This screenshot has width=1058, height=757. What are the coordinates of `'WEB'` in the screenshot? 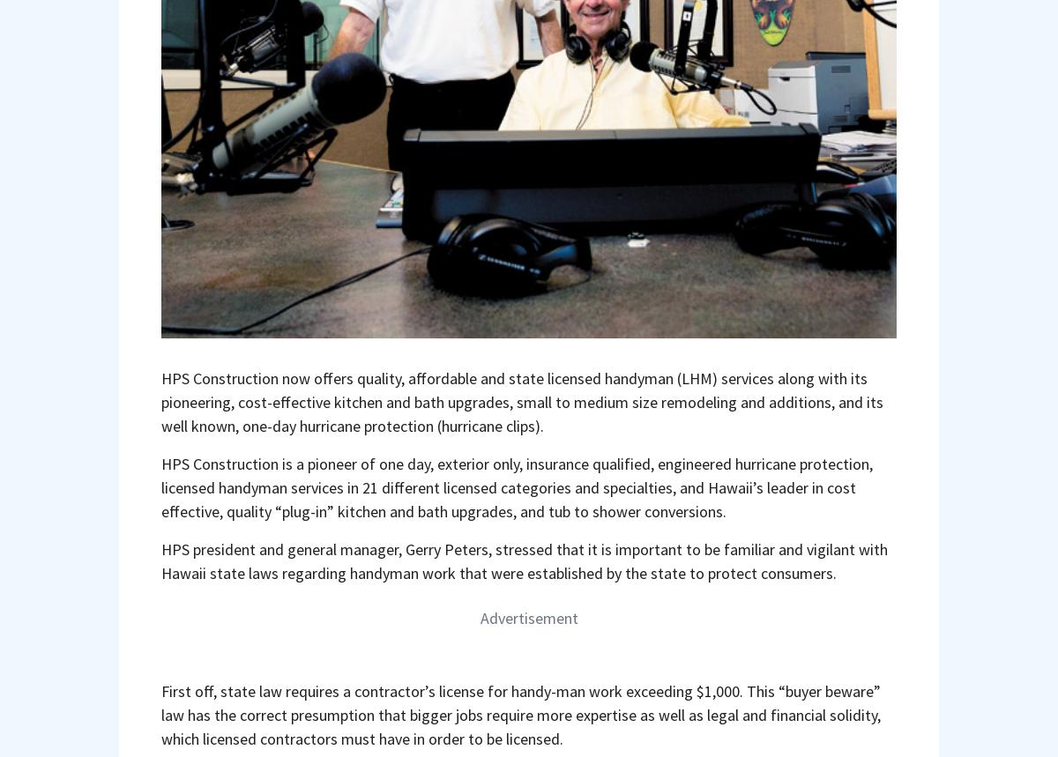 It's located at (177, 171).